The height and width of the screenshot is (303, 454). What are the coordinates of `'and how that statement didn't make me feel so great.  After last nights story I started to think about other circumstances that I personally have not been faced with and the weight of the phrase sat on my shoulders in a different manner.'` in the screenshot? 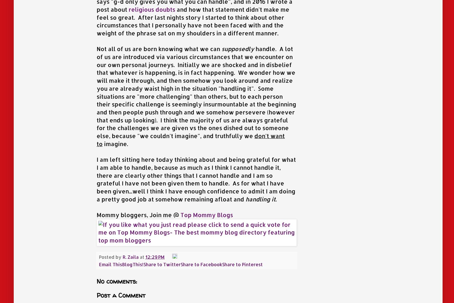 It's located at (96, 21).